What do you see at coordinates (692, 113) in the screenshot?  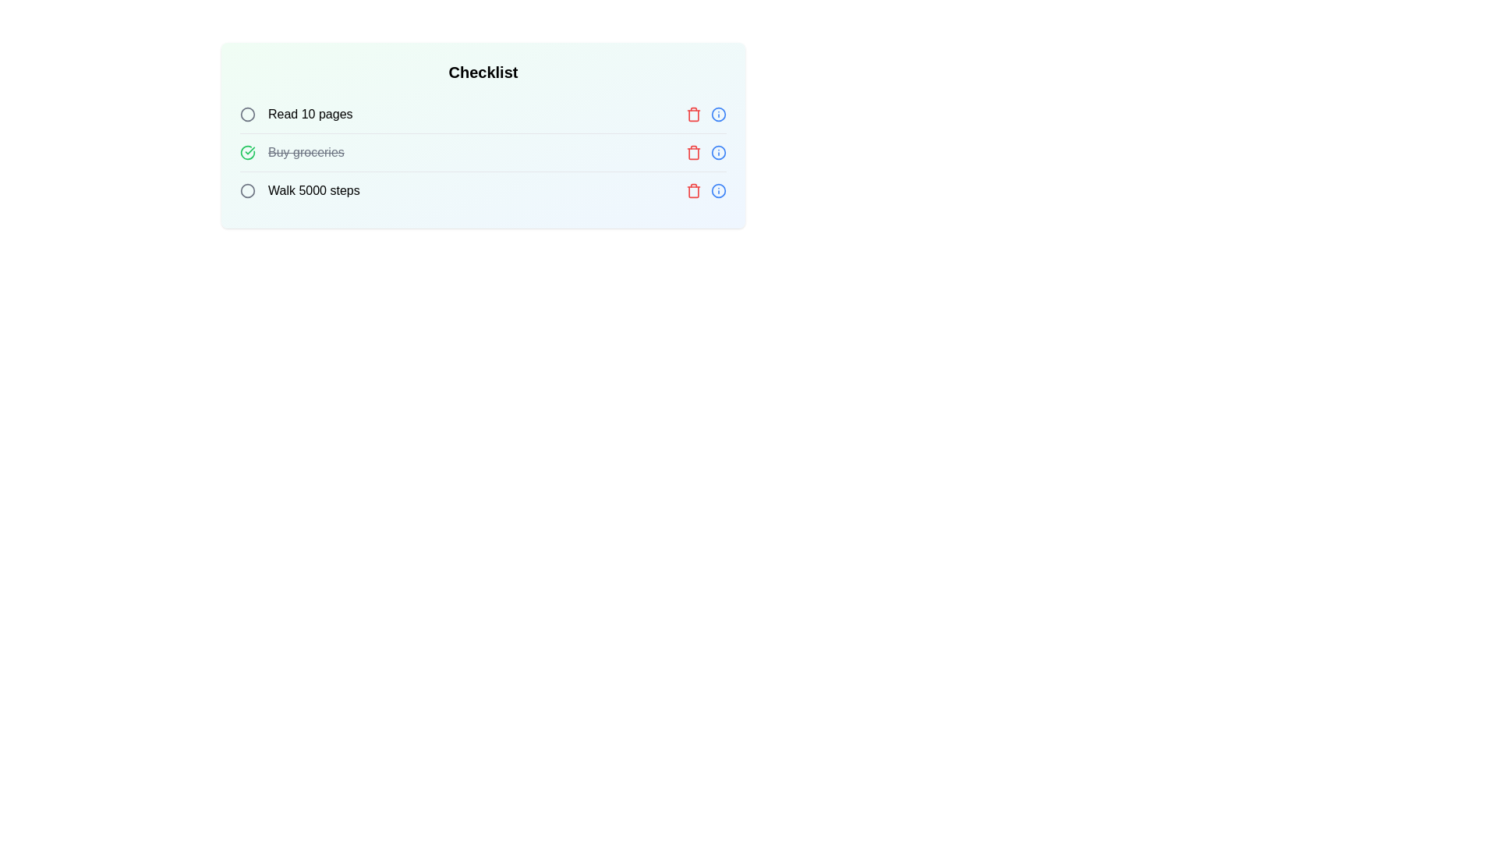 I see `remove button for the checklist item labeled 'Read 10 pages'` at bounding box center [692, 113].